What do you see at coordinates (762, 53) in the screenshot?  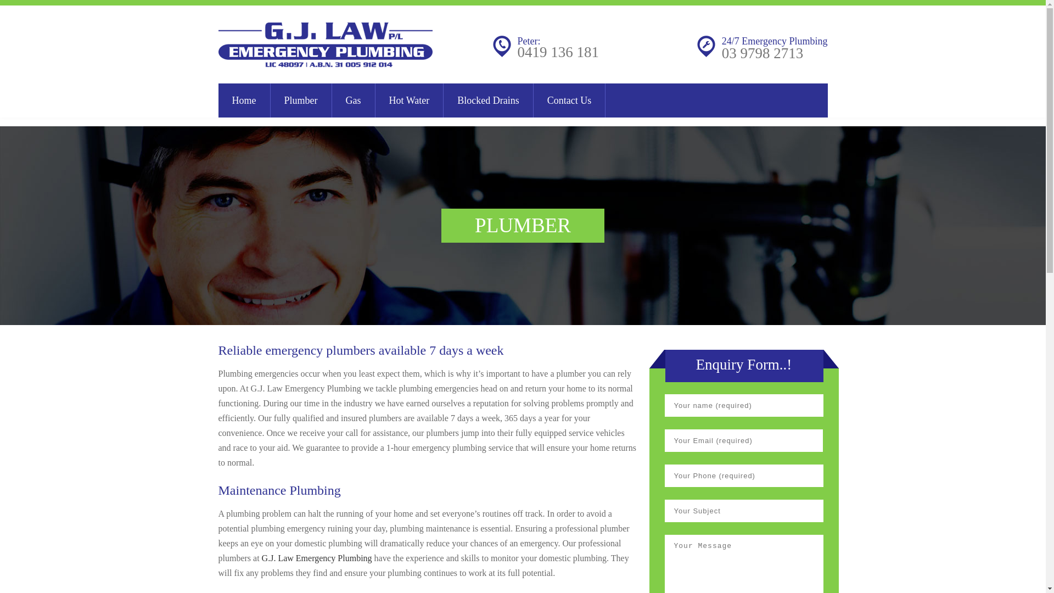 I see `'03 9798 2713'` at bounding box center [762, 53].